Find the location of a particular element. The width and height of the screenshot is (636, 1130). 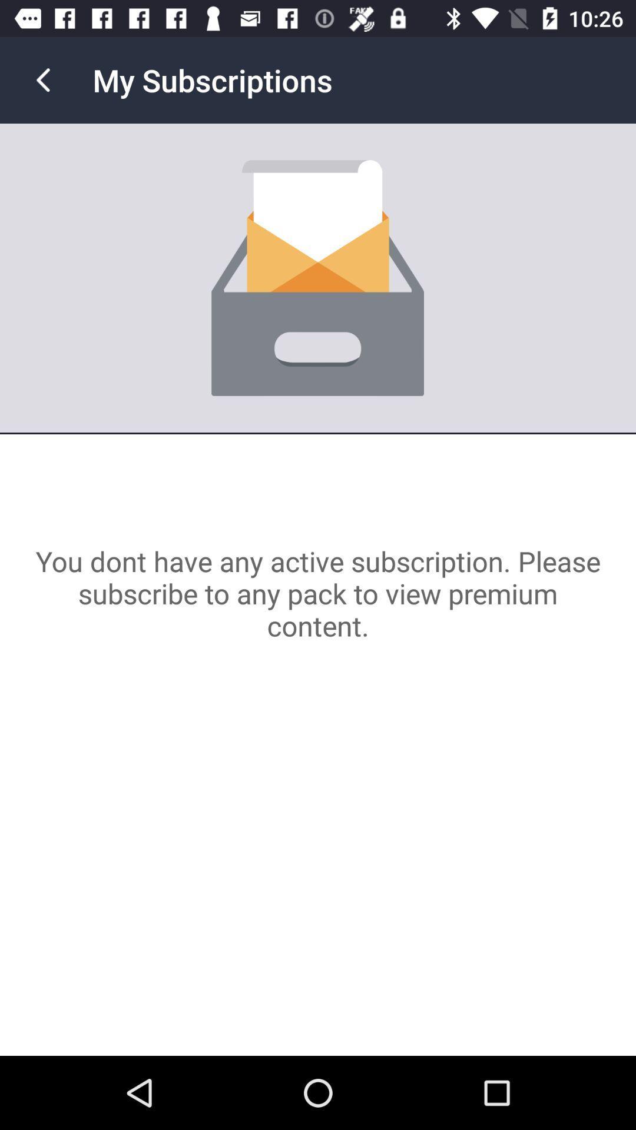

go back is located at coordinates (42, 79).